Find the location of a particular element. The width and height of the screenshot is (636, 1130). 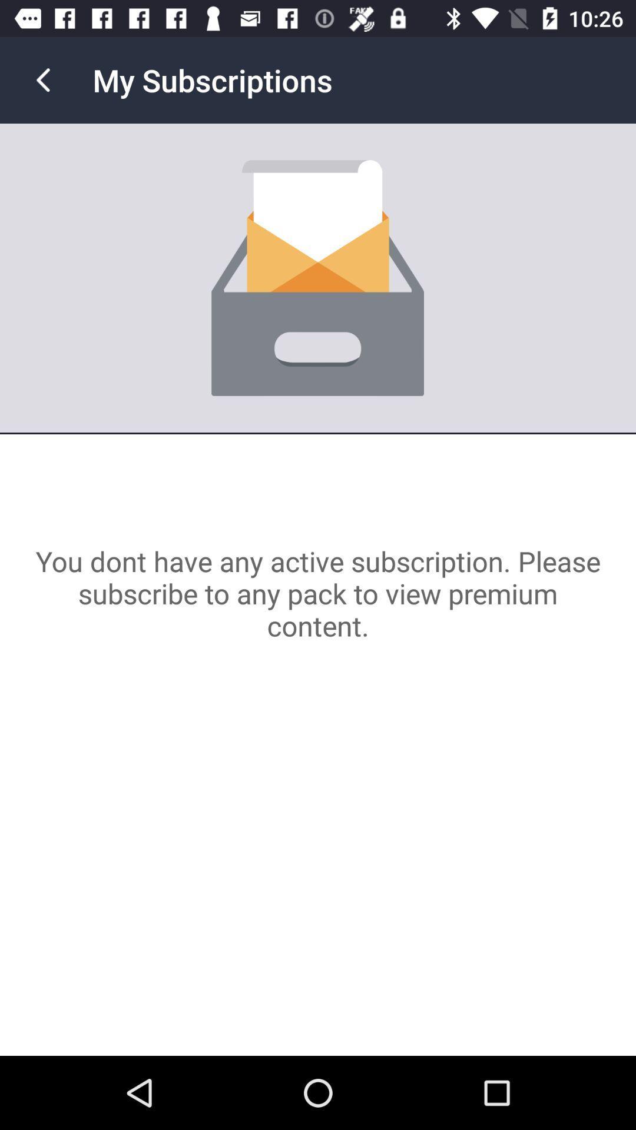

go back is located at coordinates (42, 79).